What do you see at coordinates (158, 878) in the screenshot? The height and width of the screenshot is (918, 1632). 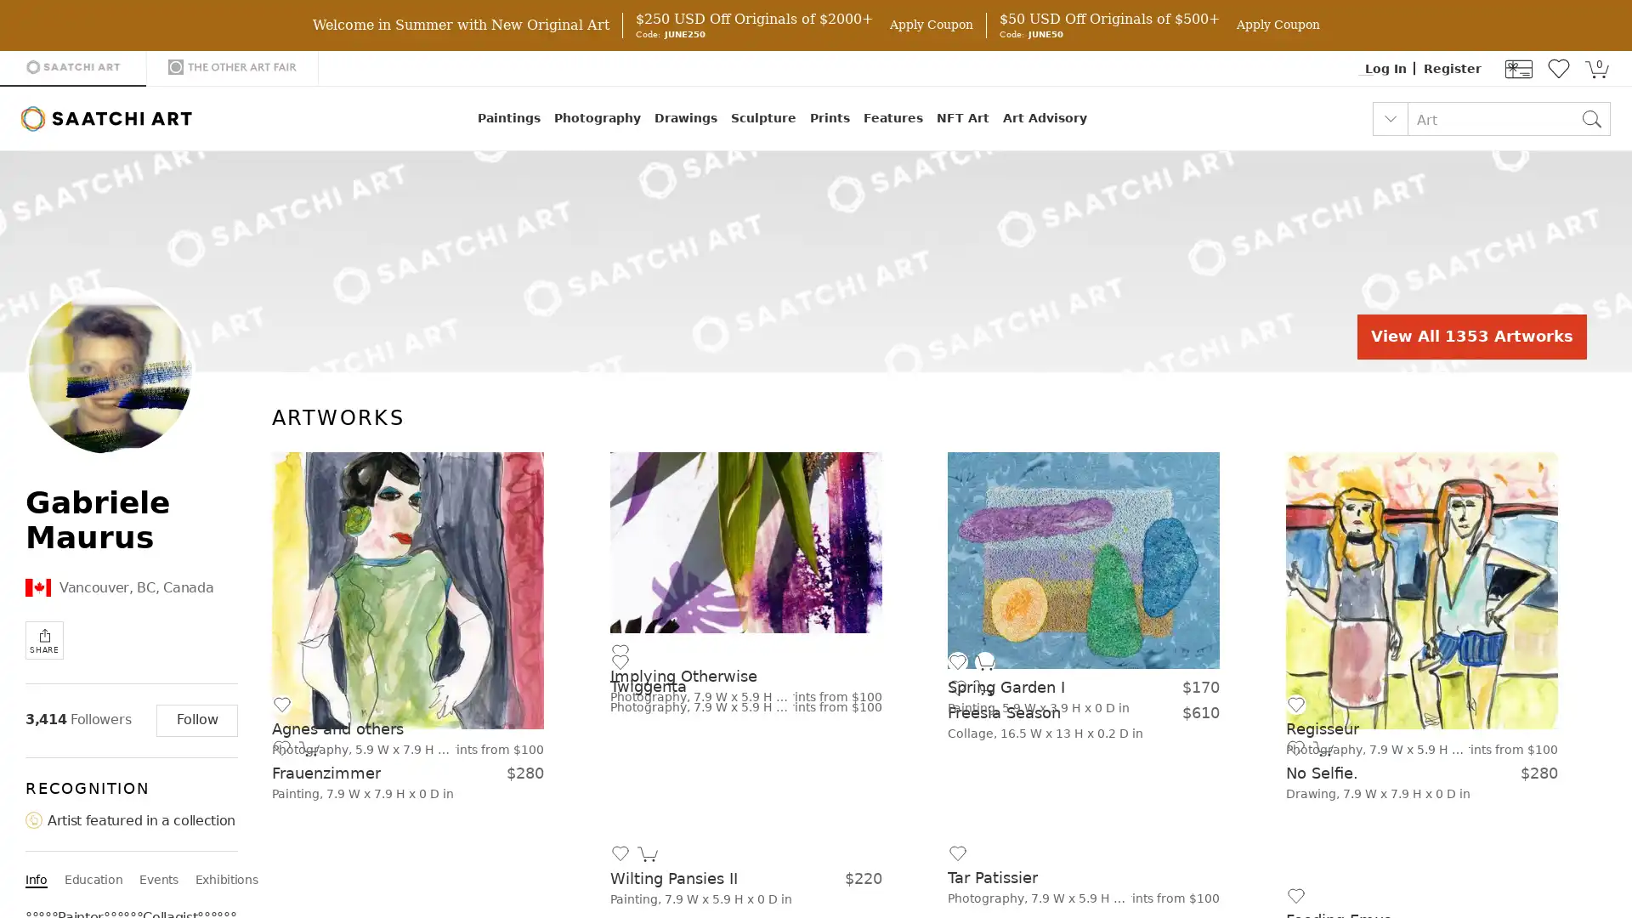 I see `Events` at bounding box center [158, 878].